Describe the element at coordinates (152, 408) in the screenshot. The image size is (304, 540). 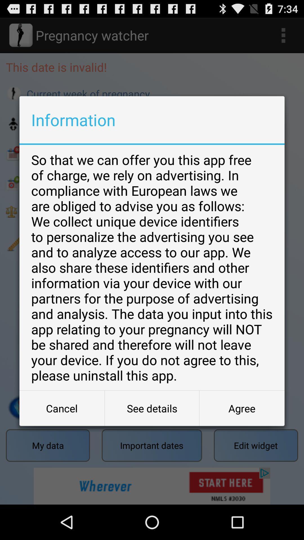
I see `the icon next to cancel item` at that location.